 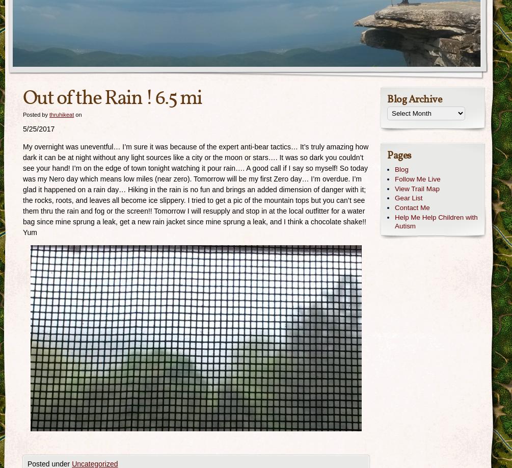 I want to click on 'on', so click(x=77, y=115).